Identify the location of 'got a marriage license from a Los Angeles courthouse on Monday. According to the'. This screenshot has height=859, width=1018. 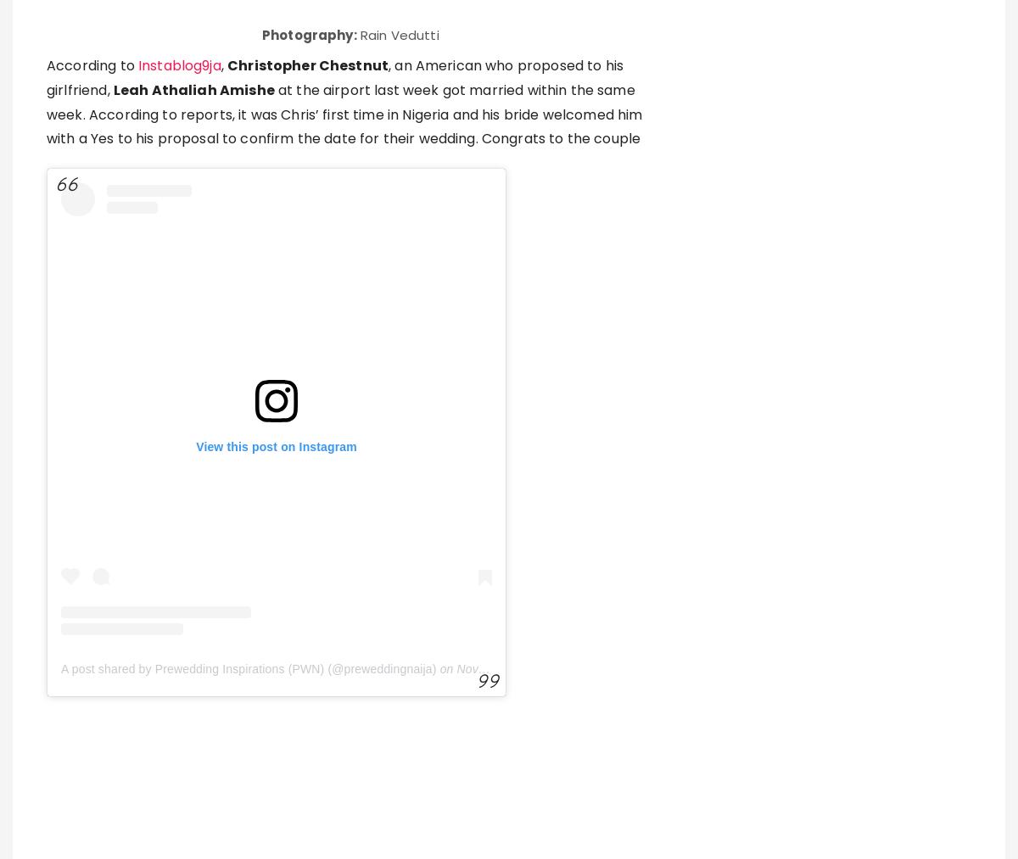
(350, 482).